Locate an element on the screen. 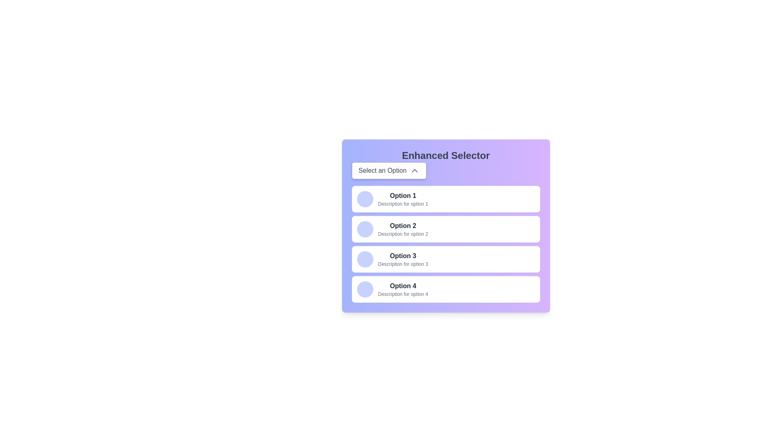 Image resolution: width=780 pixels, height=439 pixels. the dropdown menu toggle button with the text 'Select an Option' located below the title 'Enhanced Selector' is located at coordinates (388, 170).